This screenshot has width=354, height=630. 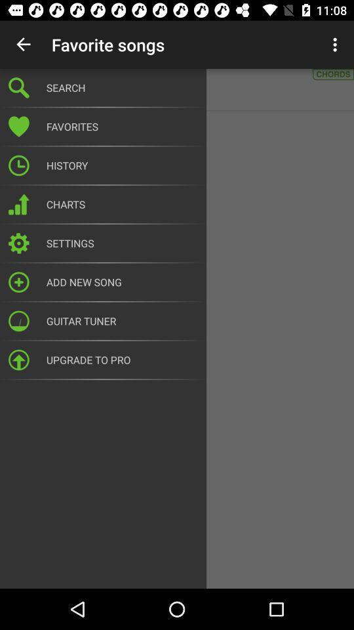 I want to click on settings icon, so click(x=122, y=242).